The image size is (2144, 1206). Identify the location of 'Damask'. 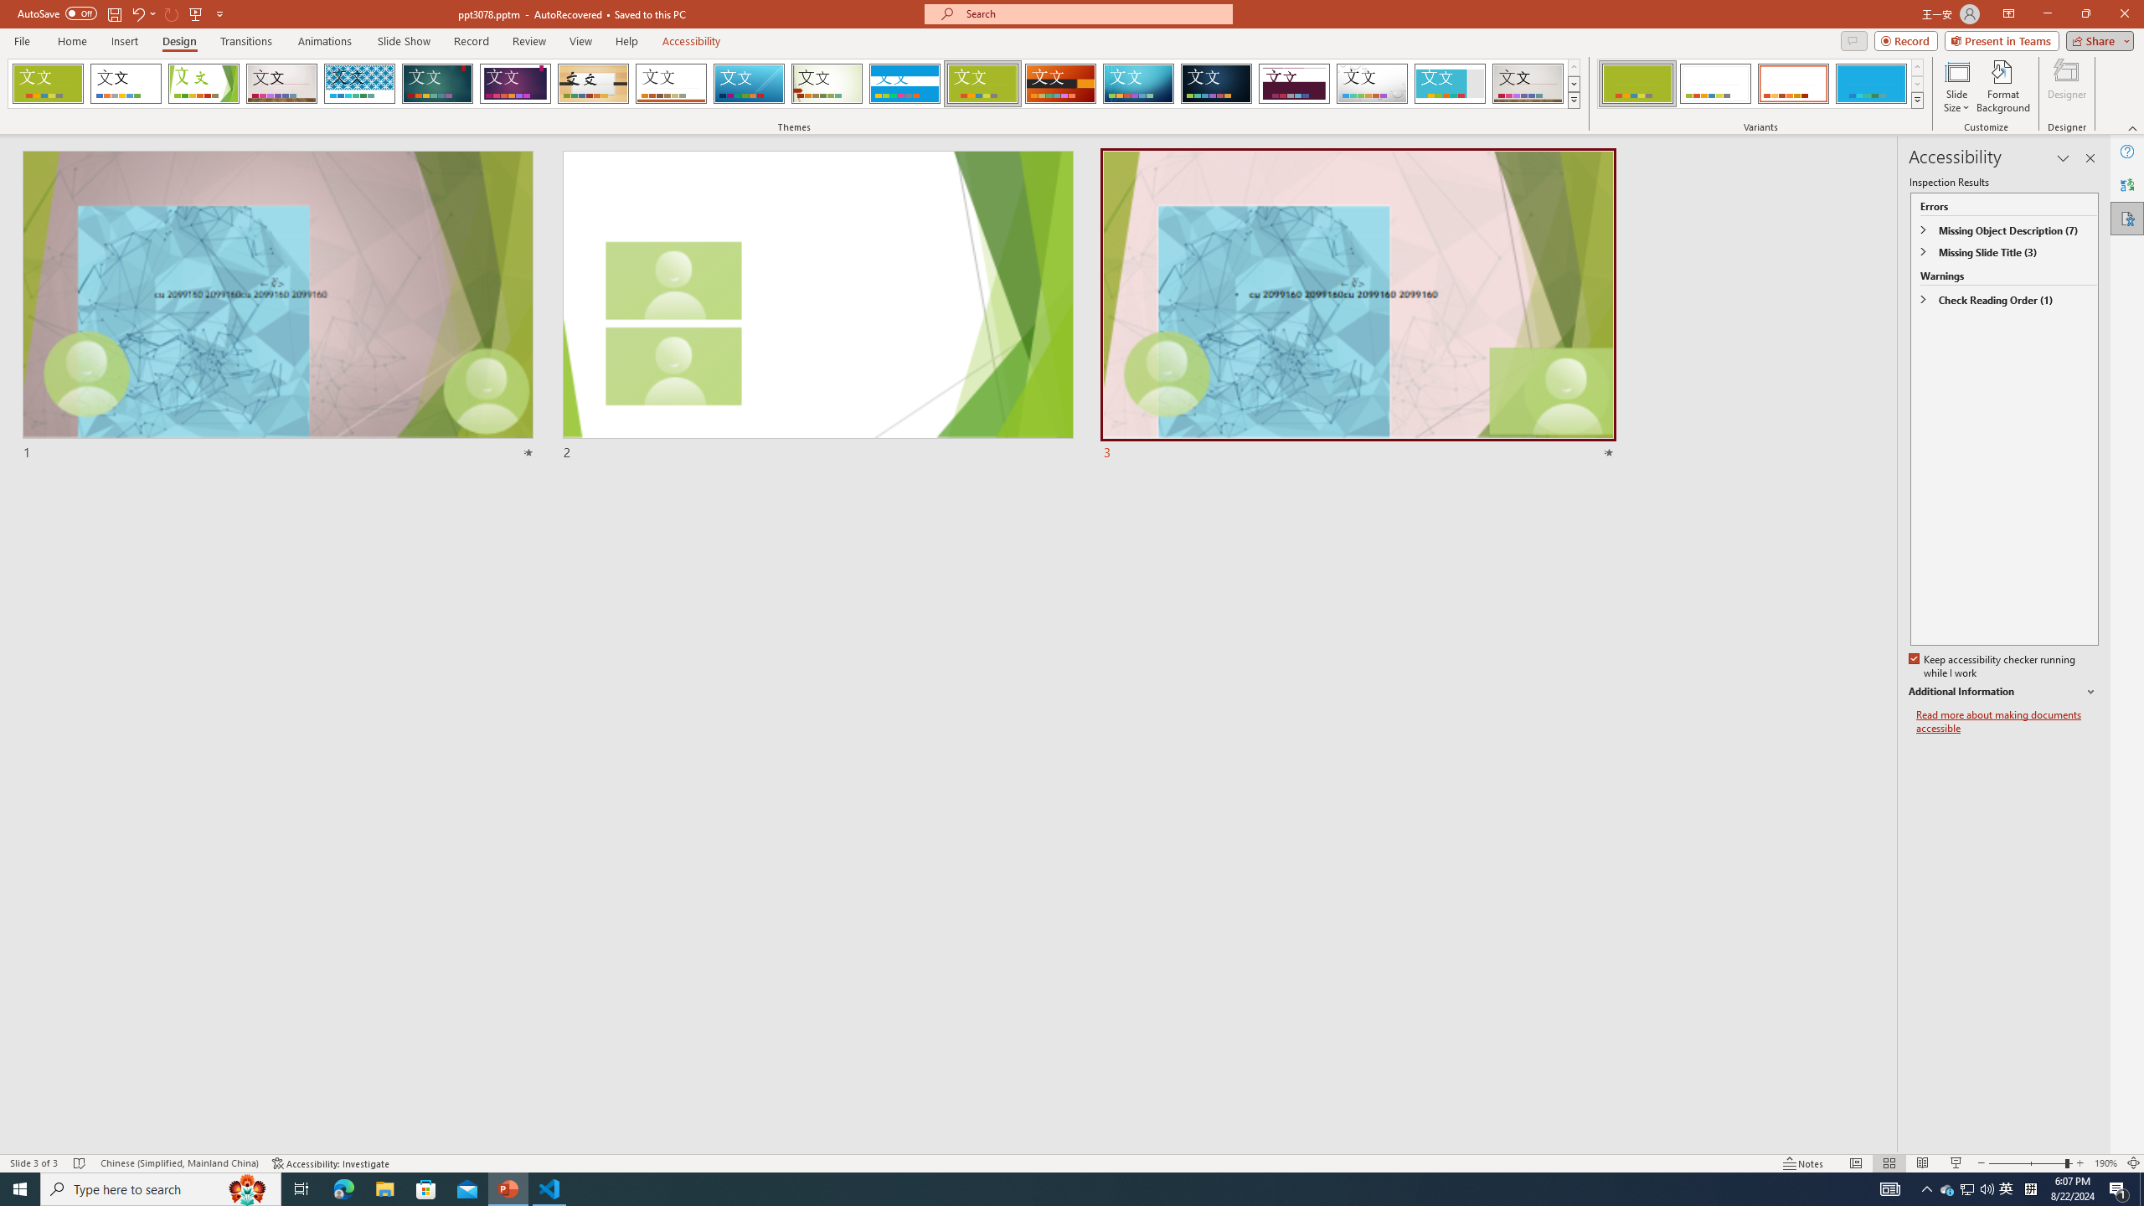
(1215, 83).